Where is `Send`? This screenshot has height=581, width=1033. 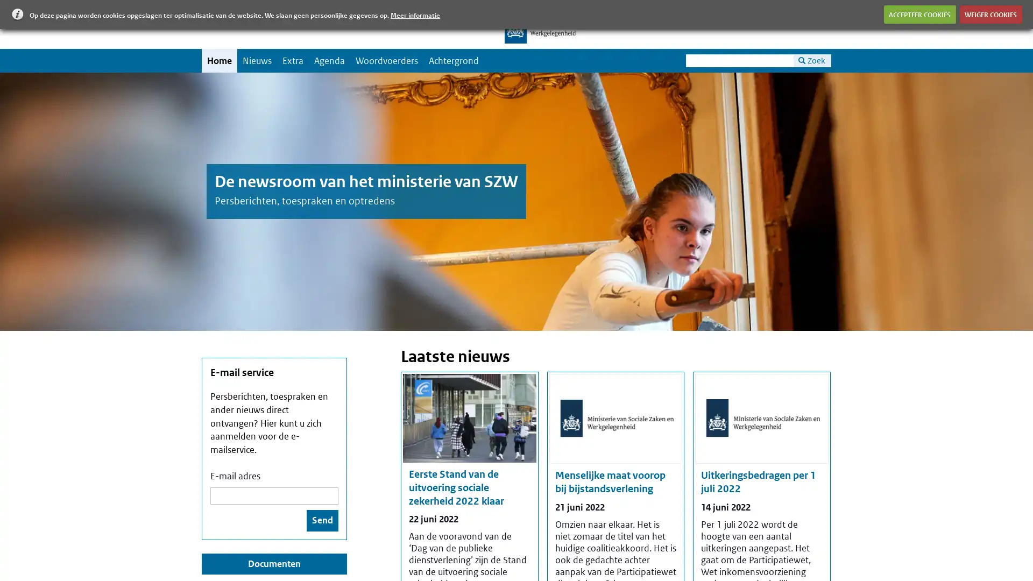 Send is located at coordinates (322, 520).